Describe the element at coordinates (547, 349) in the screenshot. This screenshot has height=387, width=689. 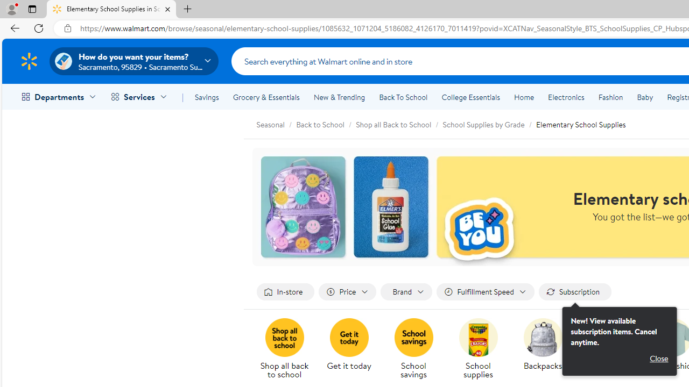
I see `'Backpacks'` at that location.